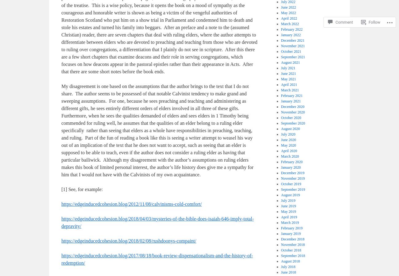  Describe the element at coordinates (288, 206) in the screenshot. I see `'June 2019'` at that location.